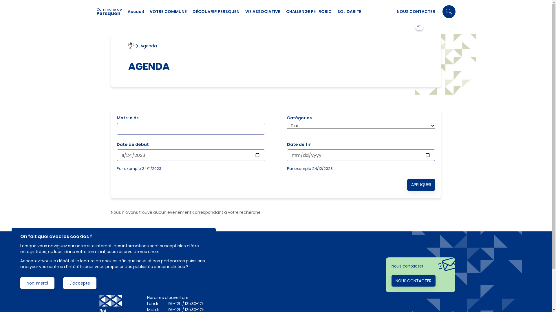 Image resolution: width=556 pixels, height=312 pixels. What do you see at coordinates (421, 185) in the screenshot?
I see `'APPLIQUER'` at bounding box center [421, 185].